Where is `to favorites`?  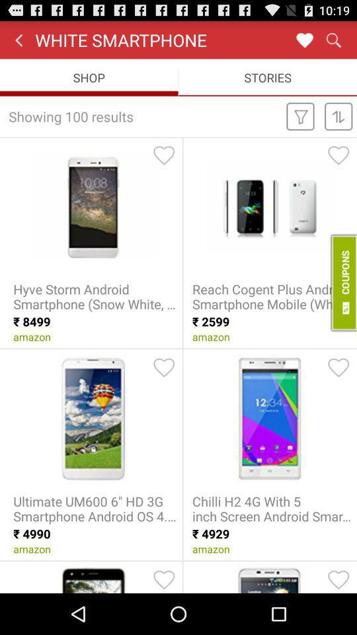
to favorites is located at coordinates (338, 367).